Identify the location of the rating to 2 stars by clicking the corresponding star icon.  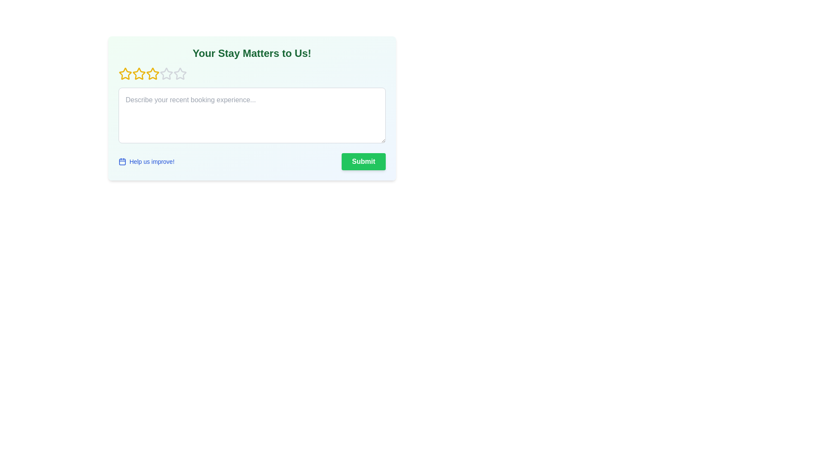
(139, 74).